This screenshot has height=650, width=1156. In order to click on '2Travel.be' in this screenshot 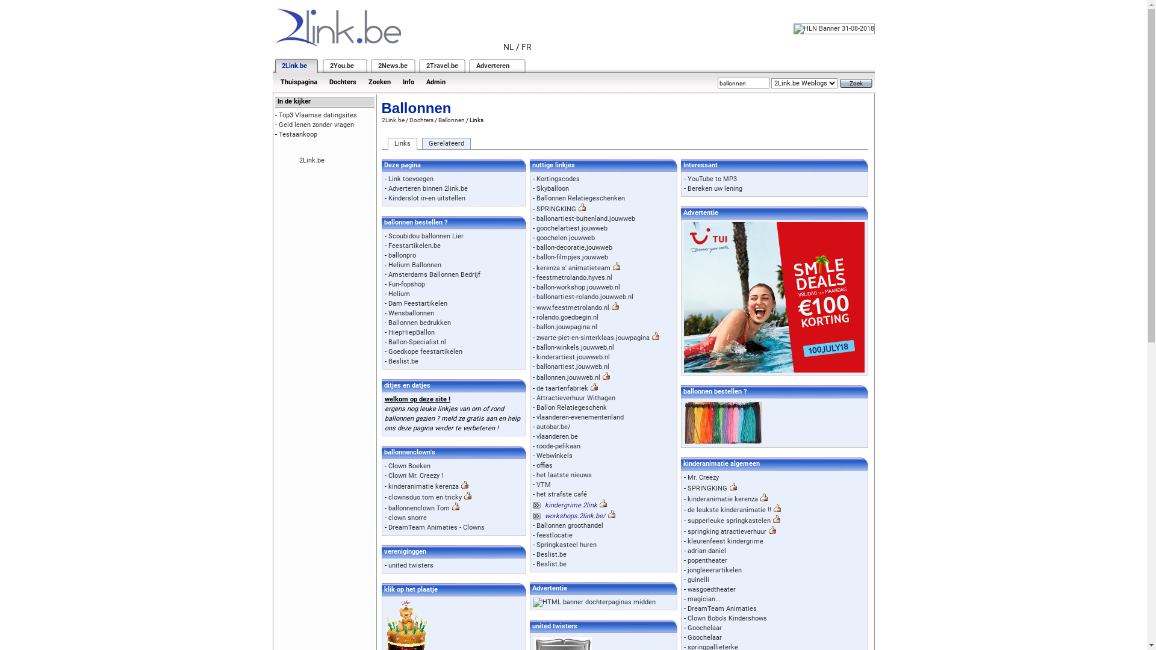, I will do `click(441, 66)`.